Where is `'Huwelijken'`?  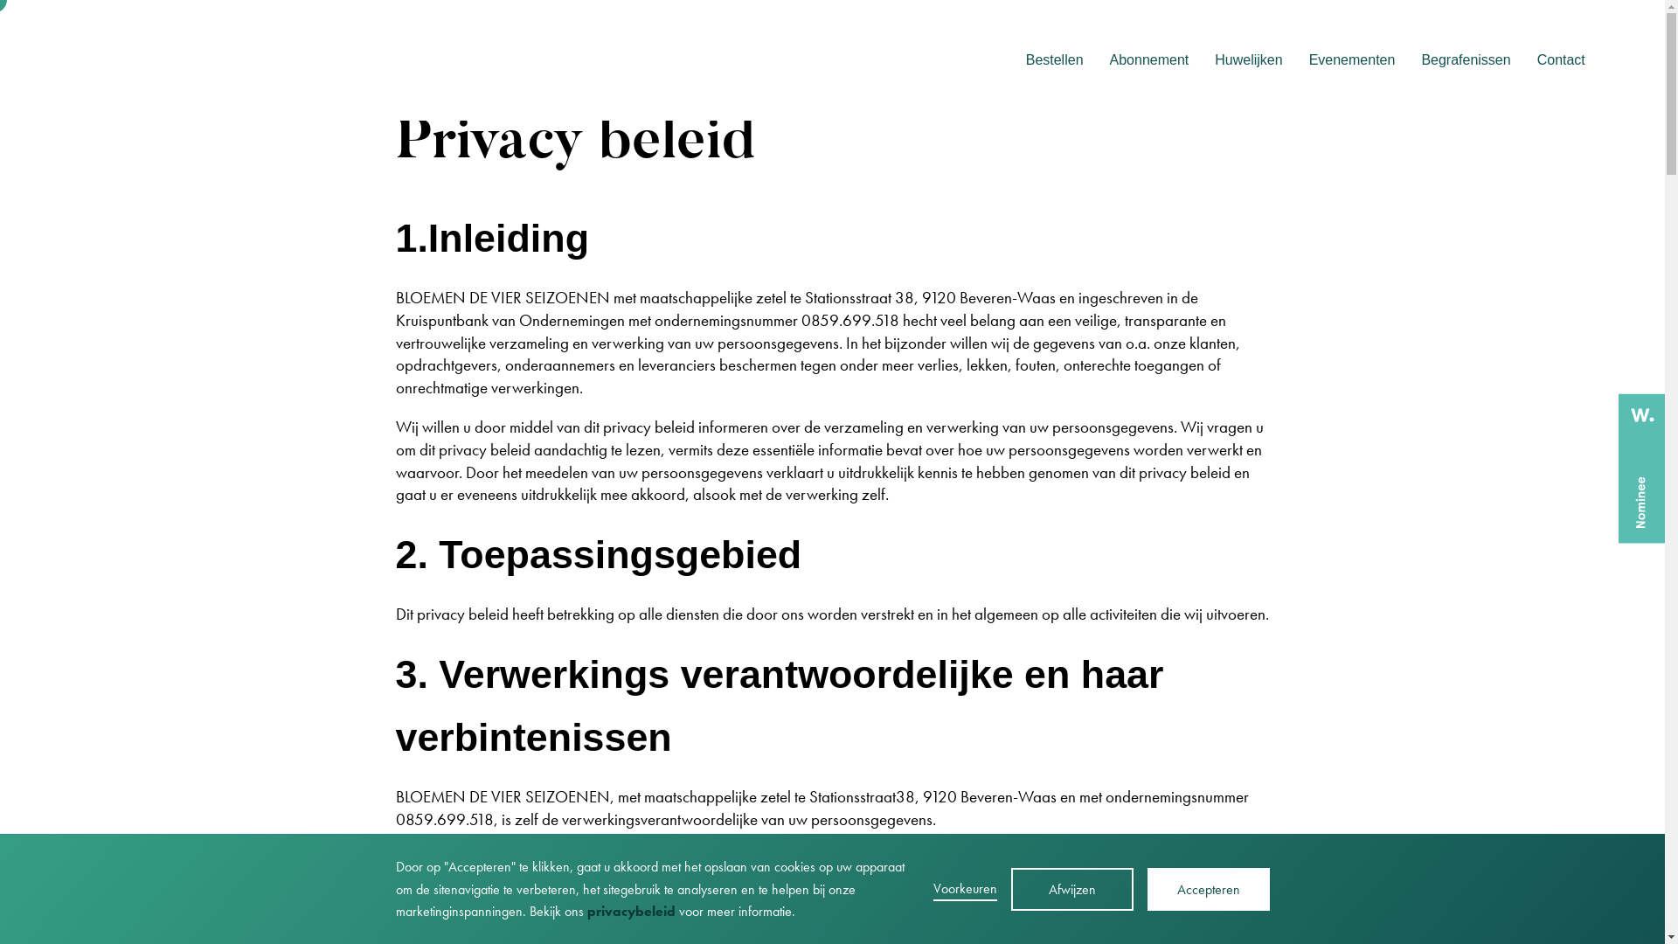 'Huwelijken' is located at coordinates (1214, 59).